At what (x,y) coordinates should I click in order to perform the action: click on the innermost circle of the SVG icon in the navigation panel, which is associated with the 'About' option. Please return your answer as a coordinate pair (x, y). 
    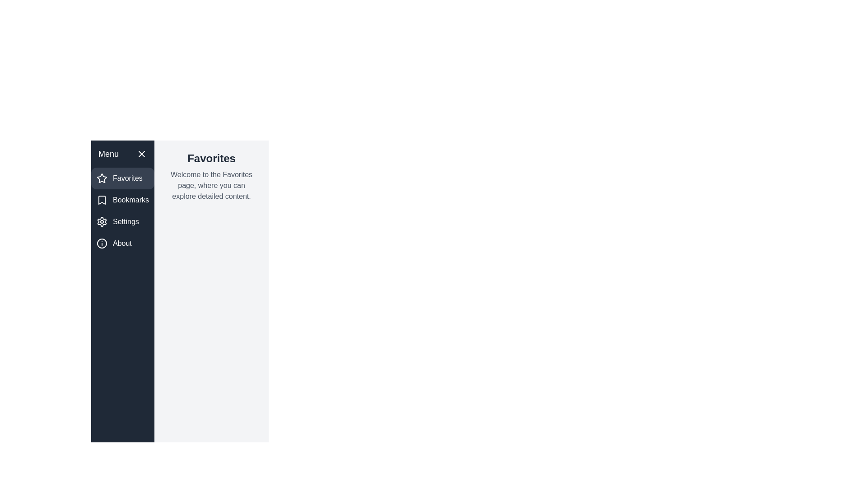
    Looking at the image, I should click on (102, 243).